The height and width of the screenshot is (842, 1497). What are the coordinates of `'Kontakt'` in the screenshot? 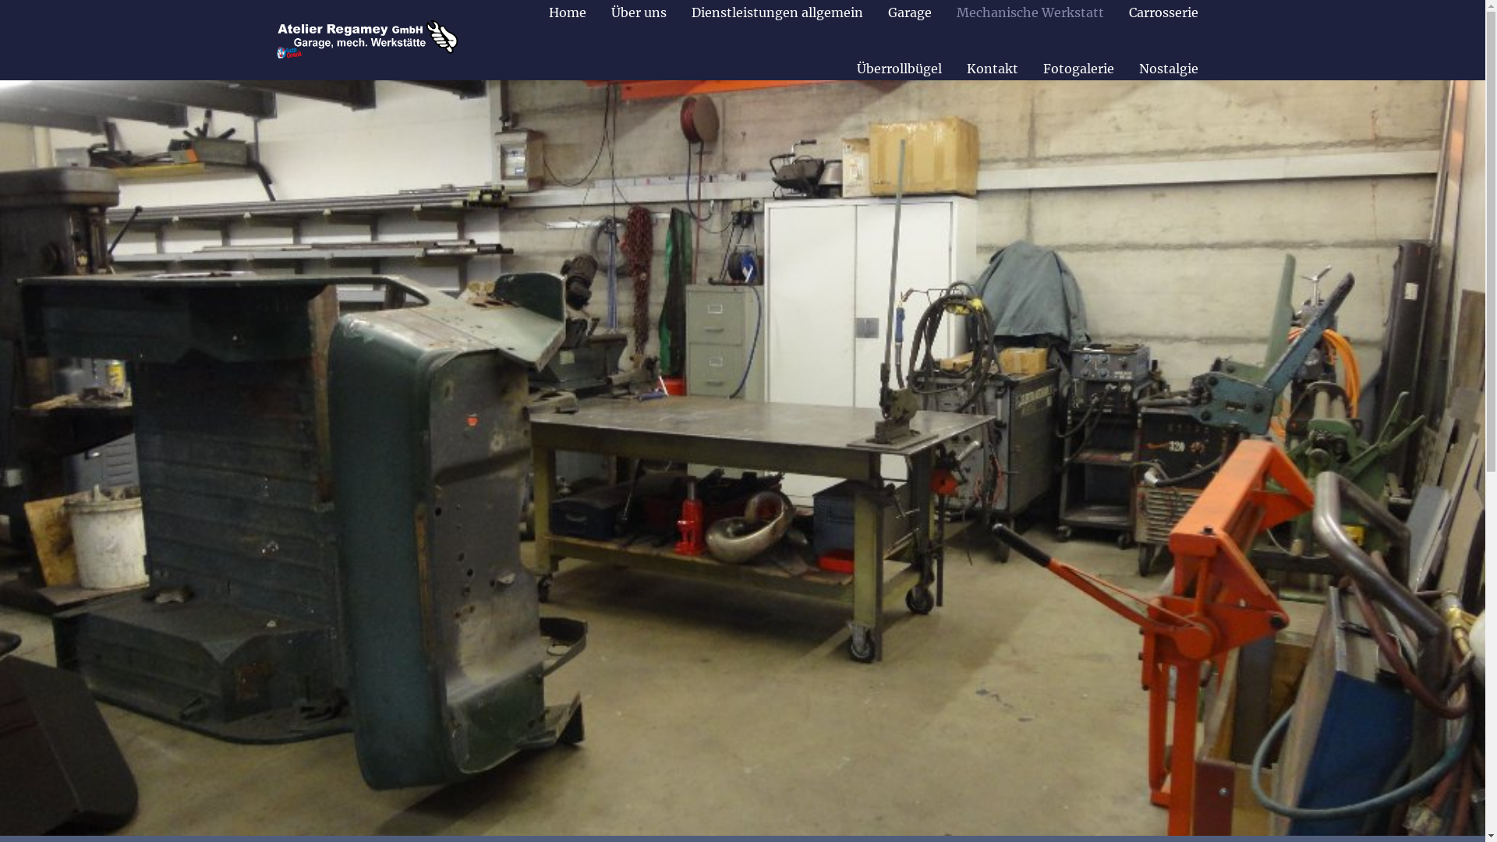 It's located at (954, 68).